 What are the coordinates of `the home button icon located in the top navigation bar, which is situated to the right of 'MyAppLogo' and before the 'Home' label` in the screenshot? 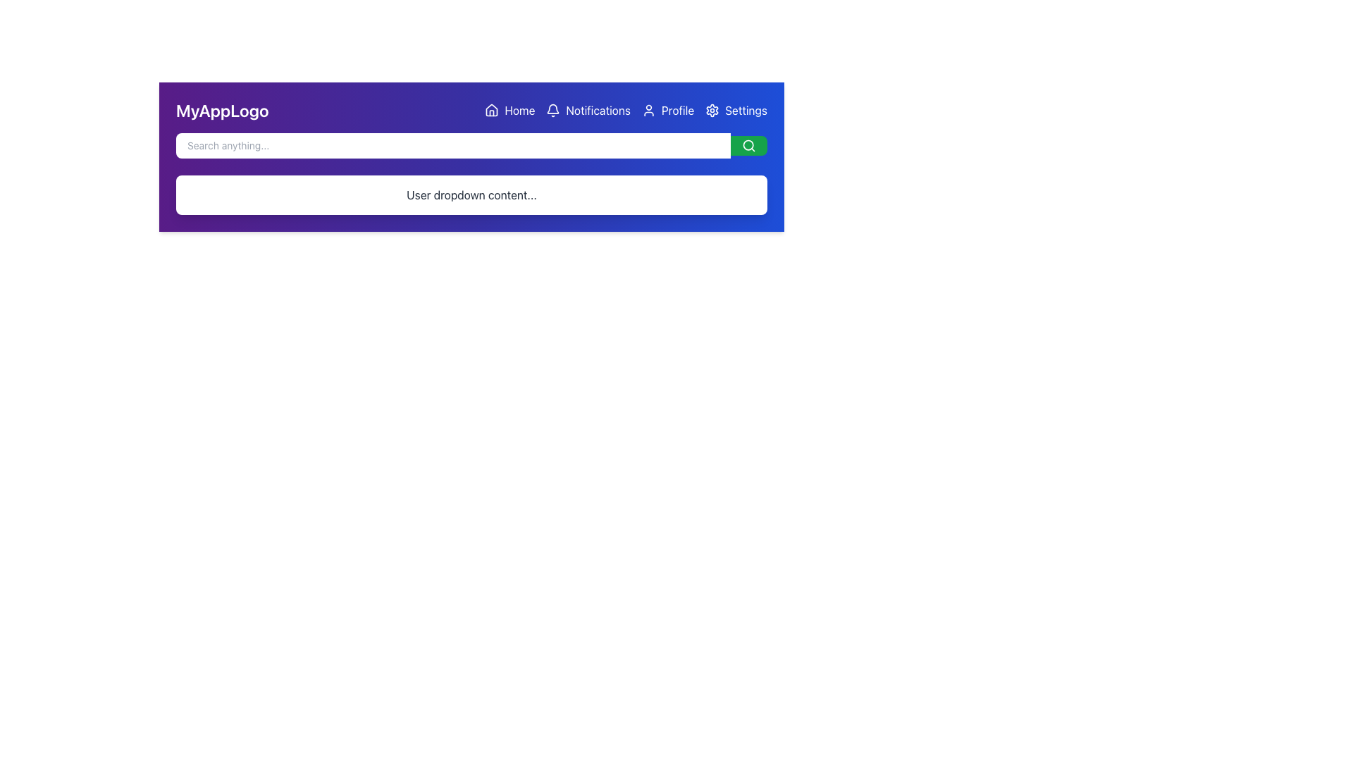 It's located at (492, 109).